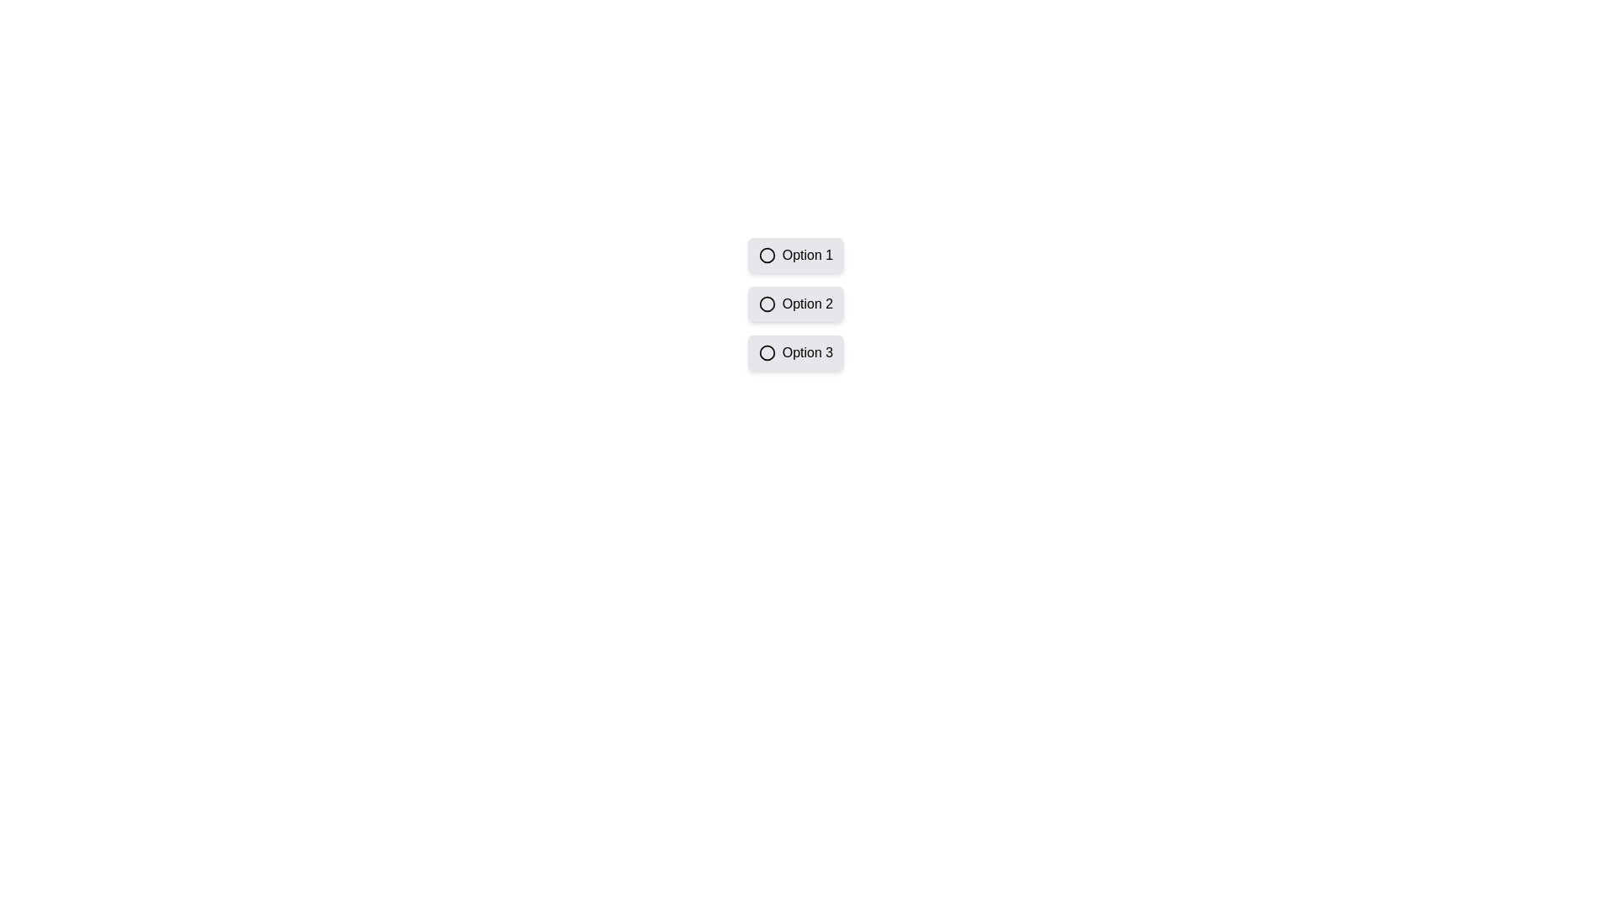 This screenshot has width=1614, height=908. I want to click on the unselected radio button icon associated with 'Option 3' located on the left side of its label, so click(766, 352).